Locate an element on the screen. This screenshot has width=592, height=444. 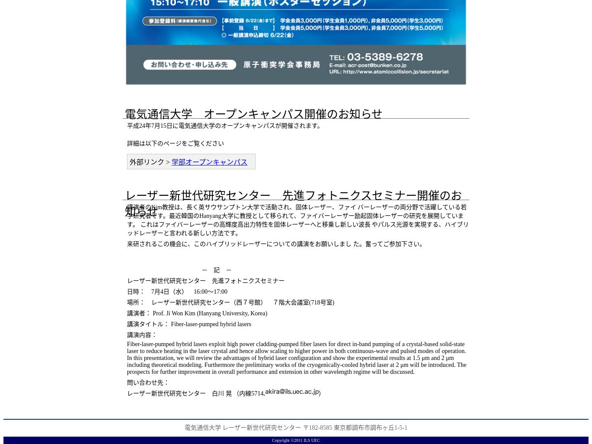
'平成24年7月15日に電気通信大学のオープンキャンパスが開催されます。' is located at coordinates (225, 126).